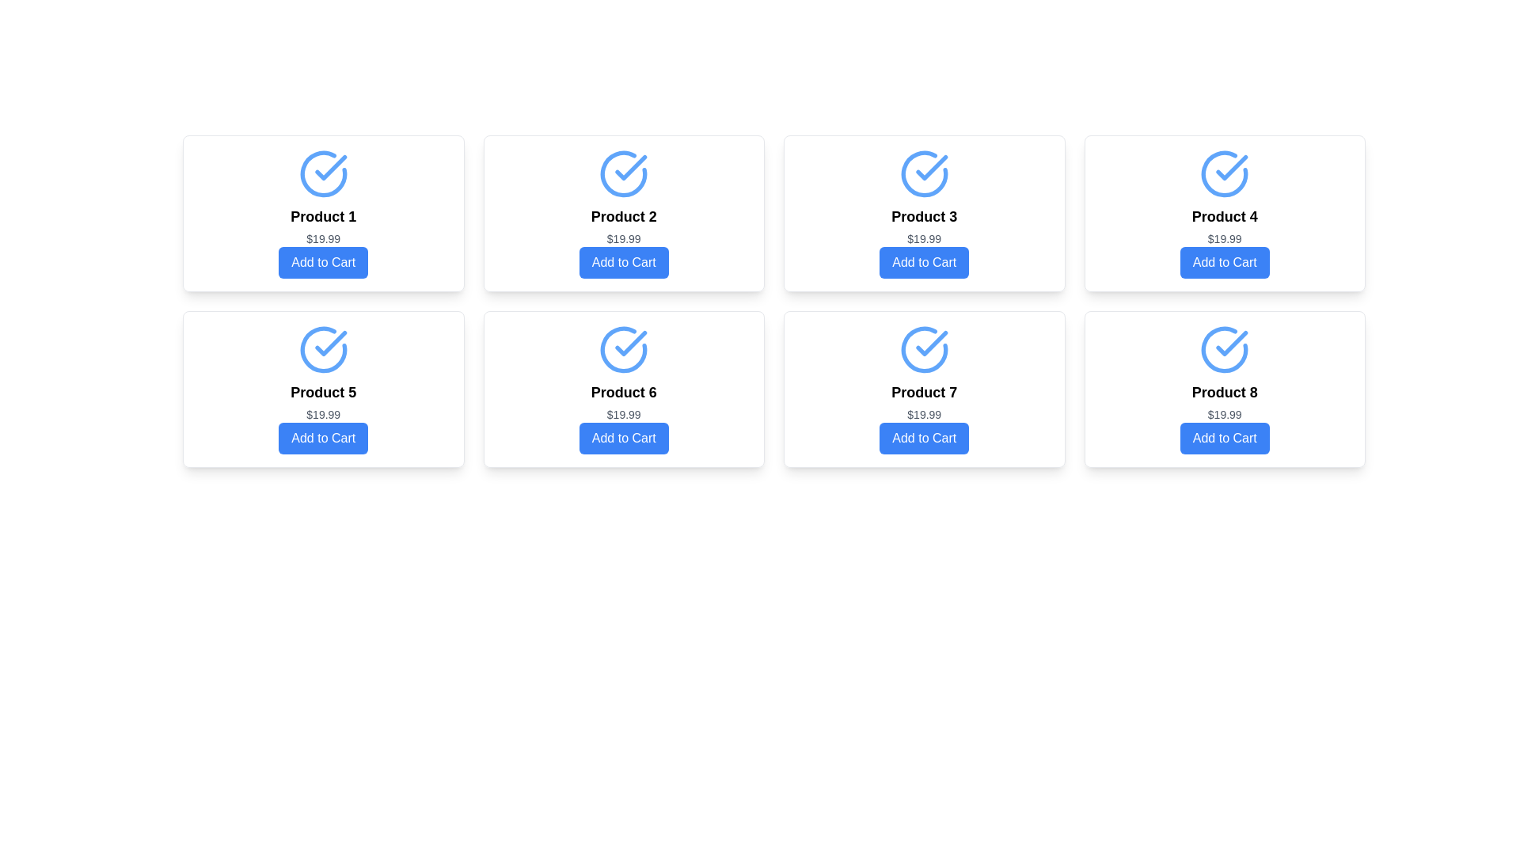 This screenshot has width=1520, height=855. Describe the element at coordinates (924, 392) in the screenshot. I see `the text label displaying 'Product 7' which is located in the third card of the second row in the grid layout, positioned above the pricing label and below the circular checkmark icon` at that location.